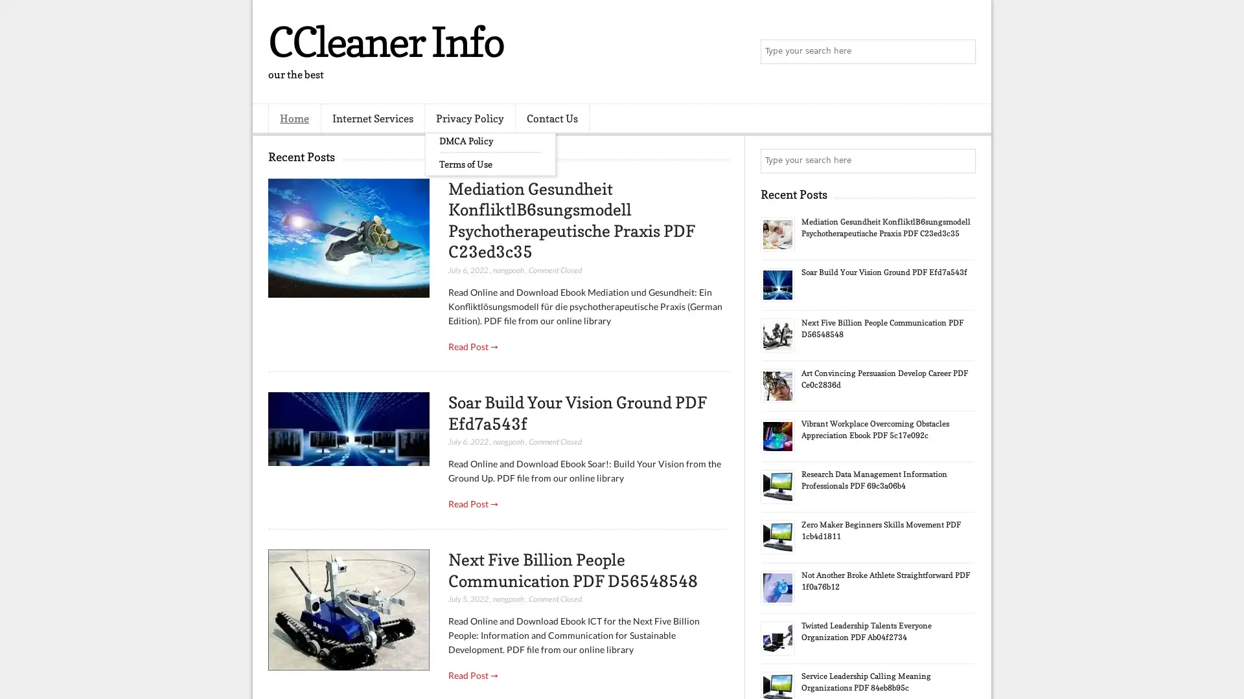 Image resolution: width=1244 pixels, height=699 pixels. Describe the element at coordinates (962, 161) in the screenshot. I see `Search` at that location.